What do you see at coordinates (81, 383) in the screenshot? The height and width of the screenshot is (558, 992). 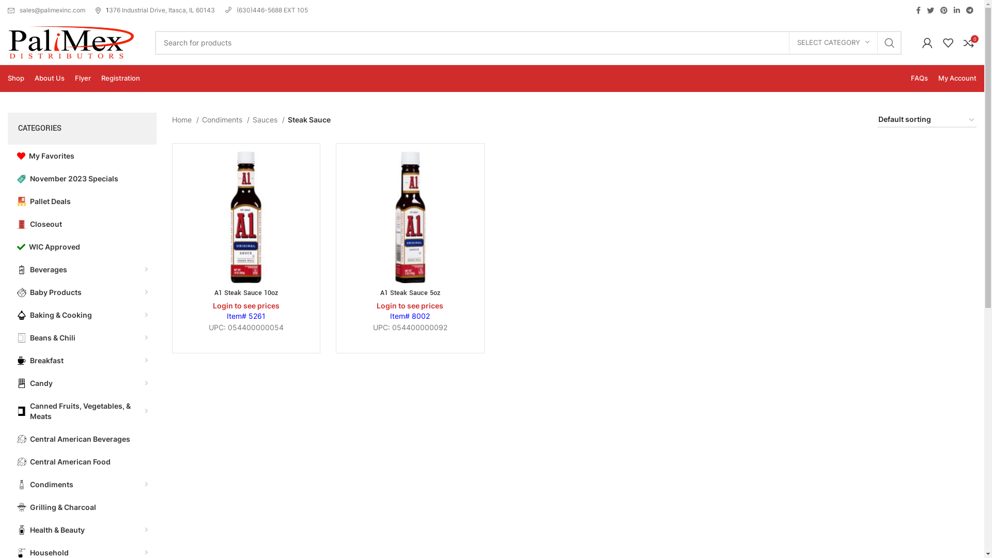 I see `'Candy'` at bounding box center [81, 383].